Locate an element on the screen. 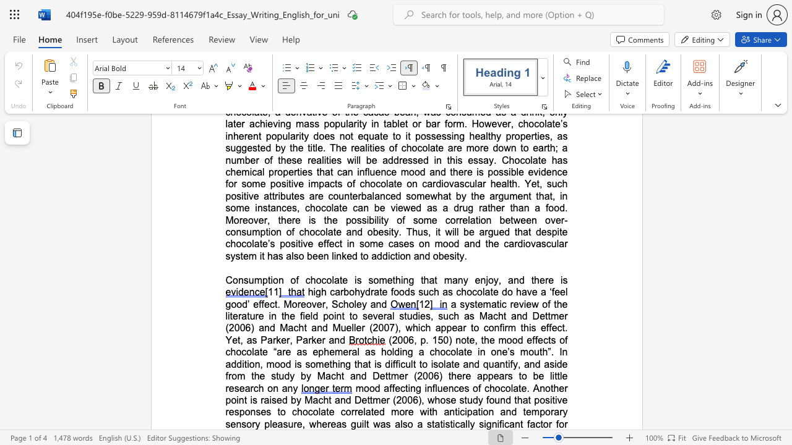  the subset text "th" within the text "mood affecting influences of chocolate. Another point is raised by Macht and Dettmer (2006), whose study found that positive responses to chocolate correlated more with anticipation and temporary sensory pleasure," is located at coordinates (514, 400).